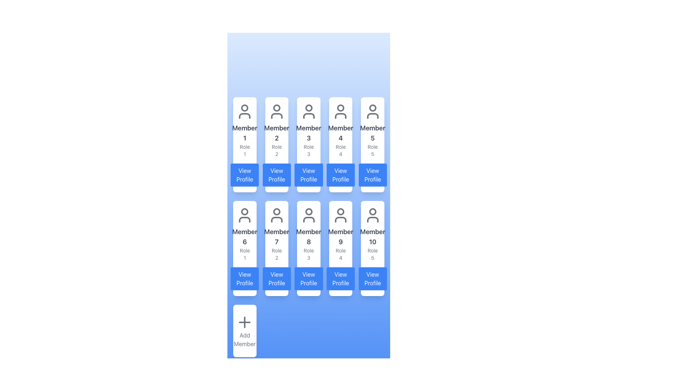 The width and height of the screenshot is (693, 389). I want to click on the uppermost icon in the vertical card layout labeled 'Member 9', located in the third column of the second row in the grid arrangement, so click(340, 215).